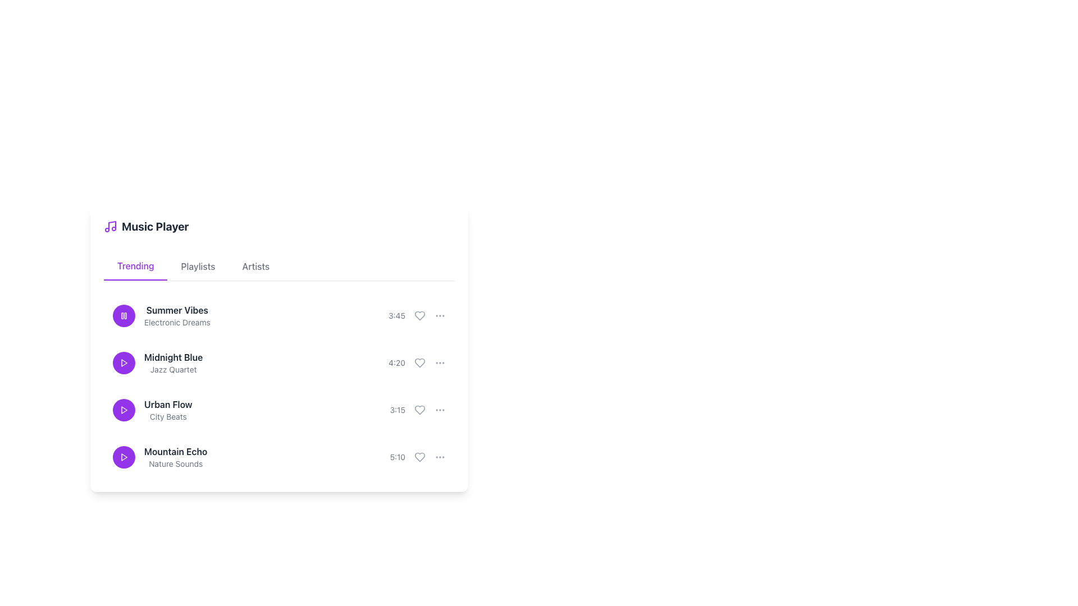 This screenshot has width=1078, height=606. Describe the element at coordinates (439, 410) in the screenshot. I see `the Menu trigger button (ellipsis) located to the right of the 'Urban Flow' music track entry` at that location.